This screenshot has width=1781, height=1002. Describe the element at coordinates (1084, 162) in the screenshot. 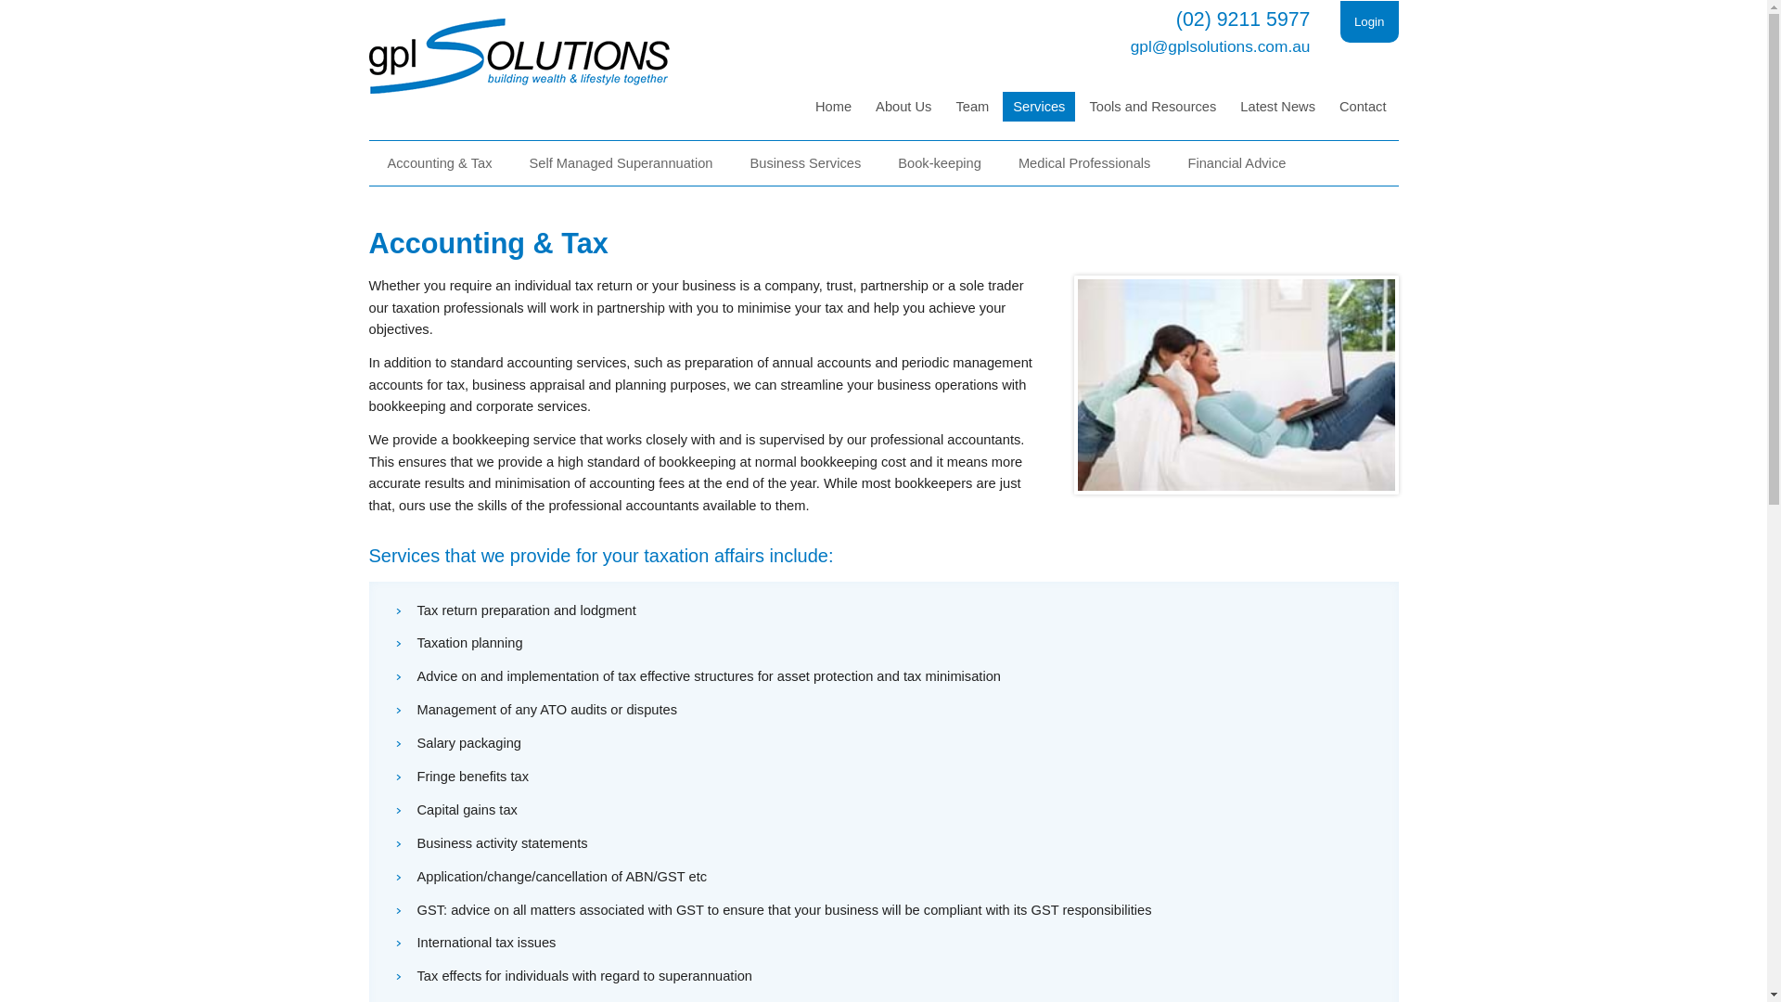

I see `'Medical Professionals'` at that location.